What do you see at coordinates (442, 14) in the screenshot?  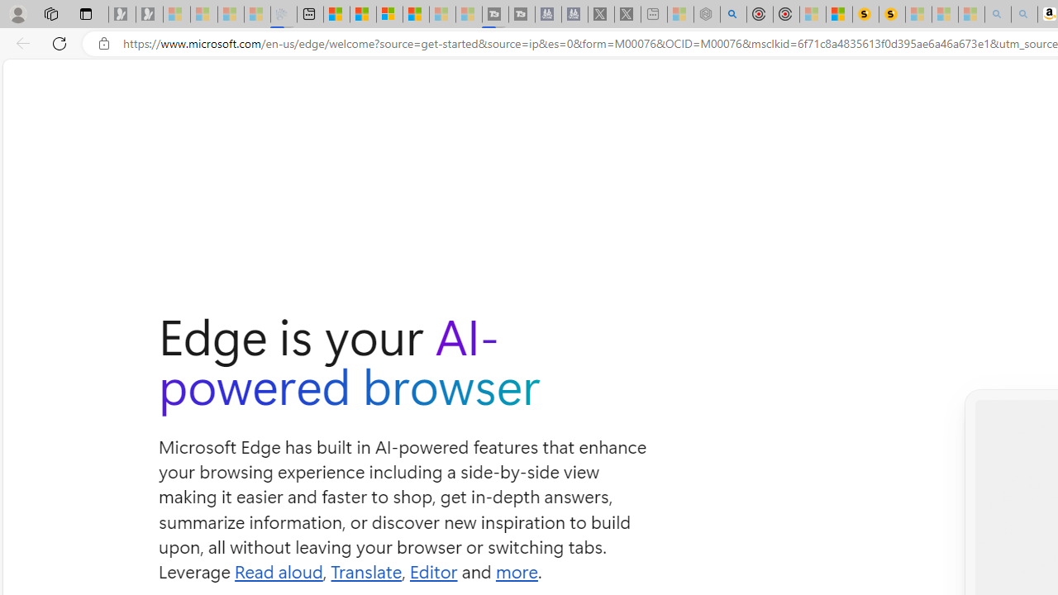 I see `'Microsoft Start - Sleeping'` at bounding box center [442, 14].